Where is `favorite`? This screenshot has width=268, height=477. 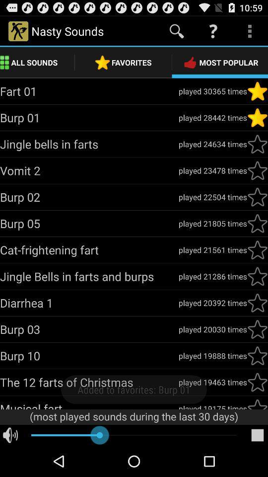
favorite is located at coordinates (257, 144).